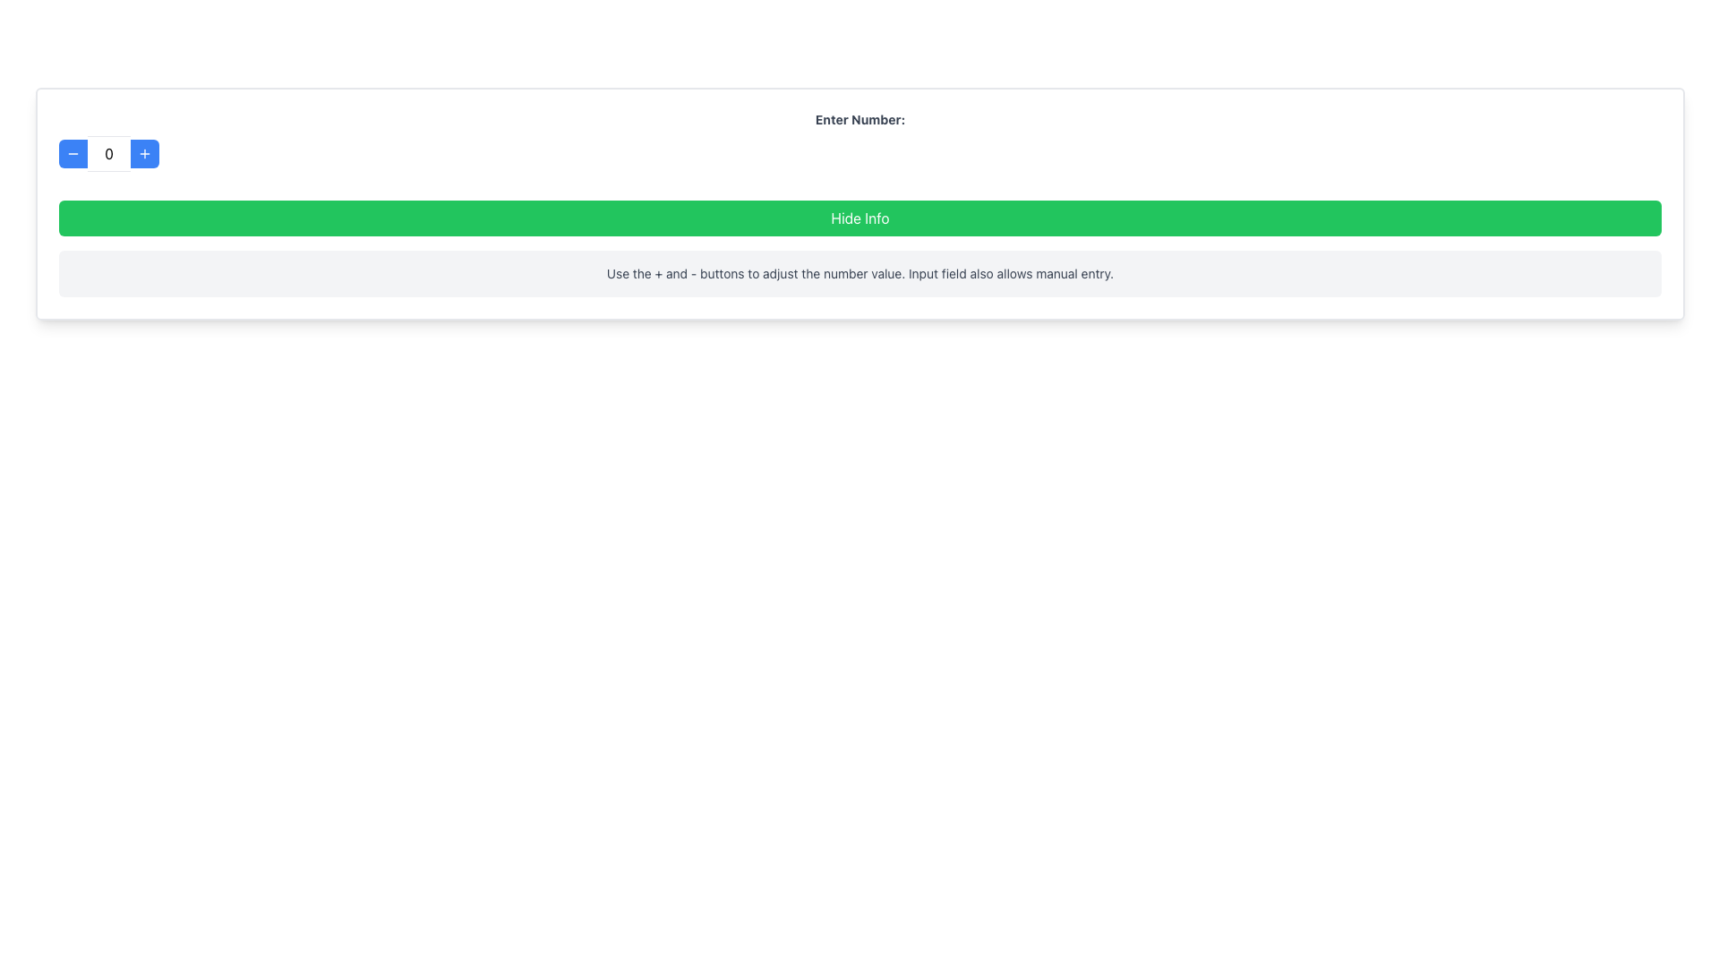 This screenshot has width=1719, height=967. Describe the element at coordinates (72, 153) in the screenshot. I see `the horizontal line icon located within the blue button on the left side of the counter interface` at that location.